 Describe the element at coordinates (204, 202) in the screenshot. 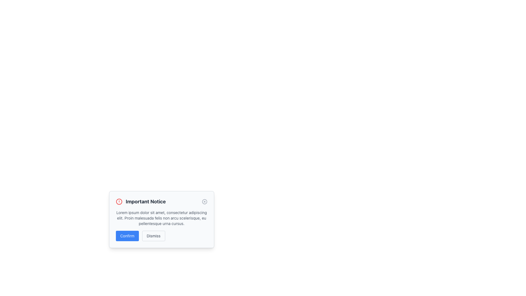

I see `the circular component located centrally inside the close icon at the top-right corner of the modal titled 'Important Notice'` at that location.